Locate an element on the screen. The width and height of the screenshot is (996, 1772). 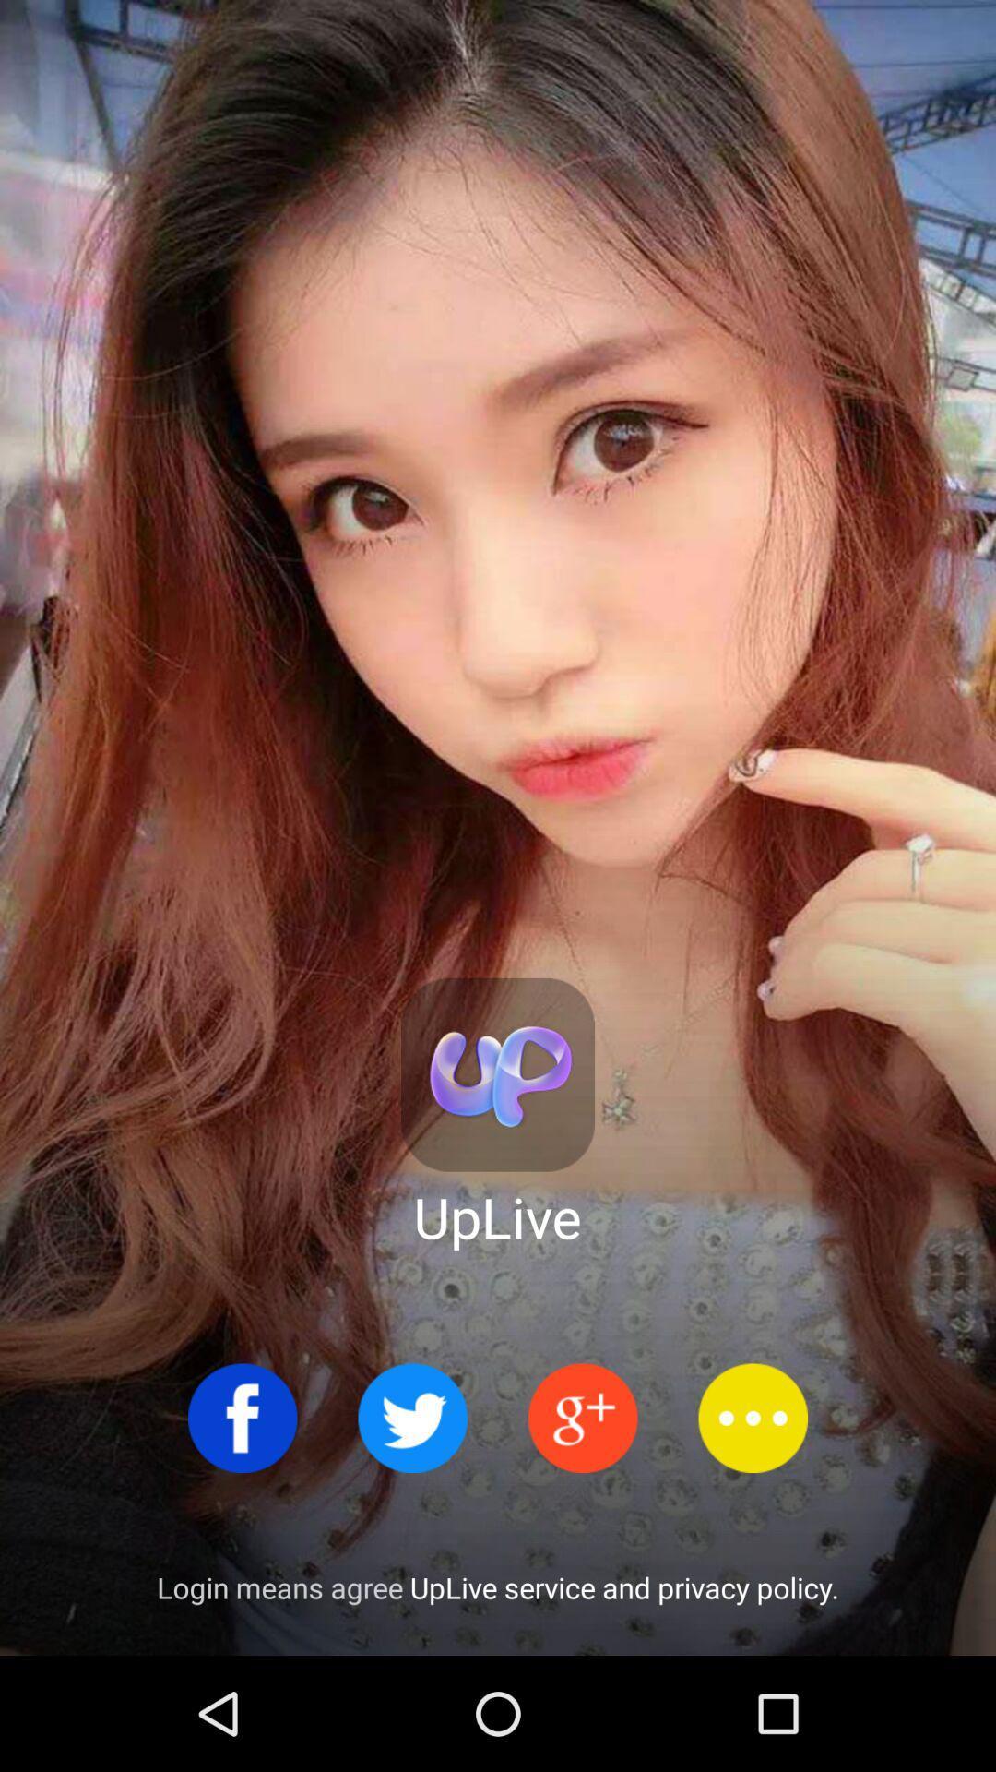
the follow icon is located at coordinates (583, 1417).